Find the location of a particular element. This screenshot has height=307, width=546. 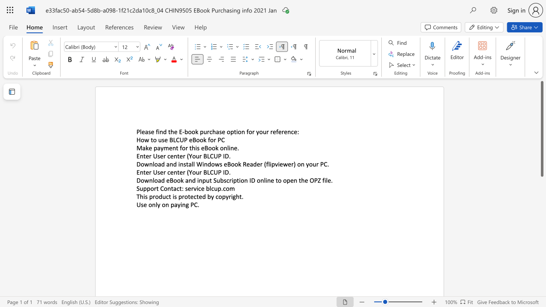

the scrollbar to move the content lower is located at coordinates (541, 230).